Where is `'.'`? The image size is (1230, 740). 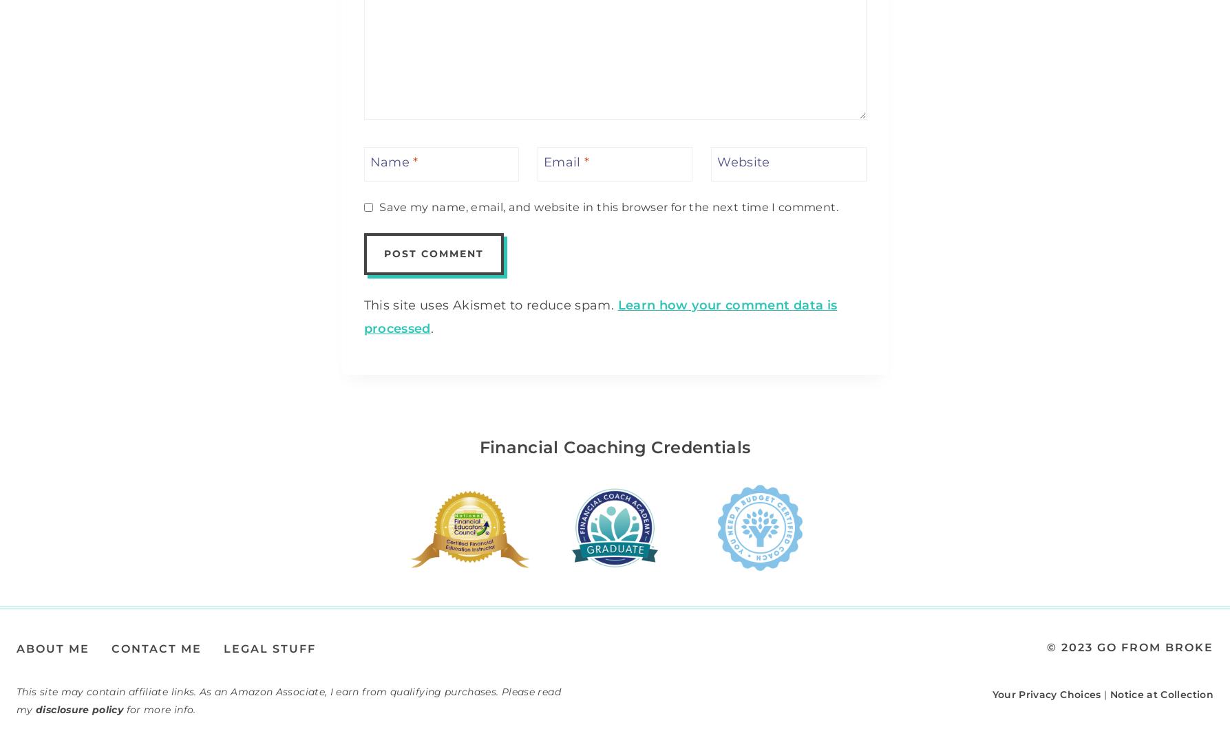
'.' is located at coordinates (429, 327).